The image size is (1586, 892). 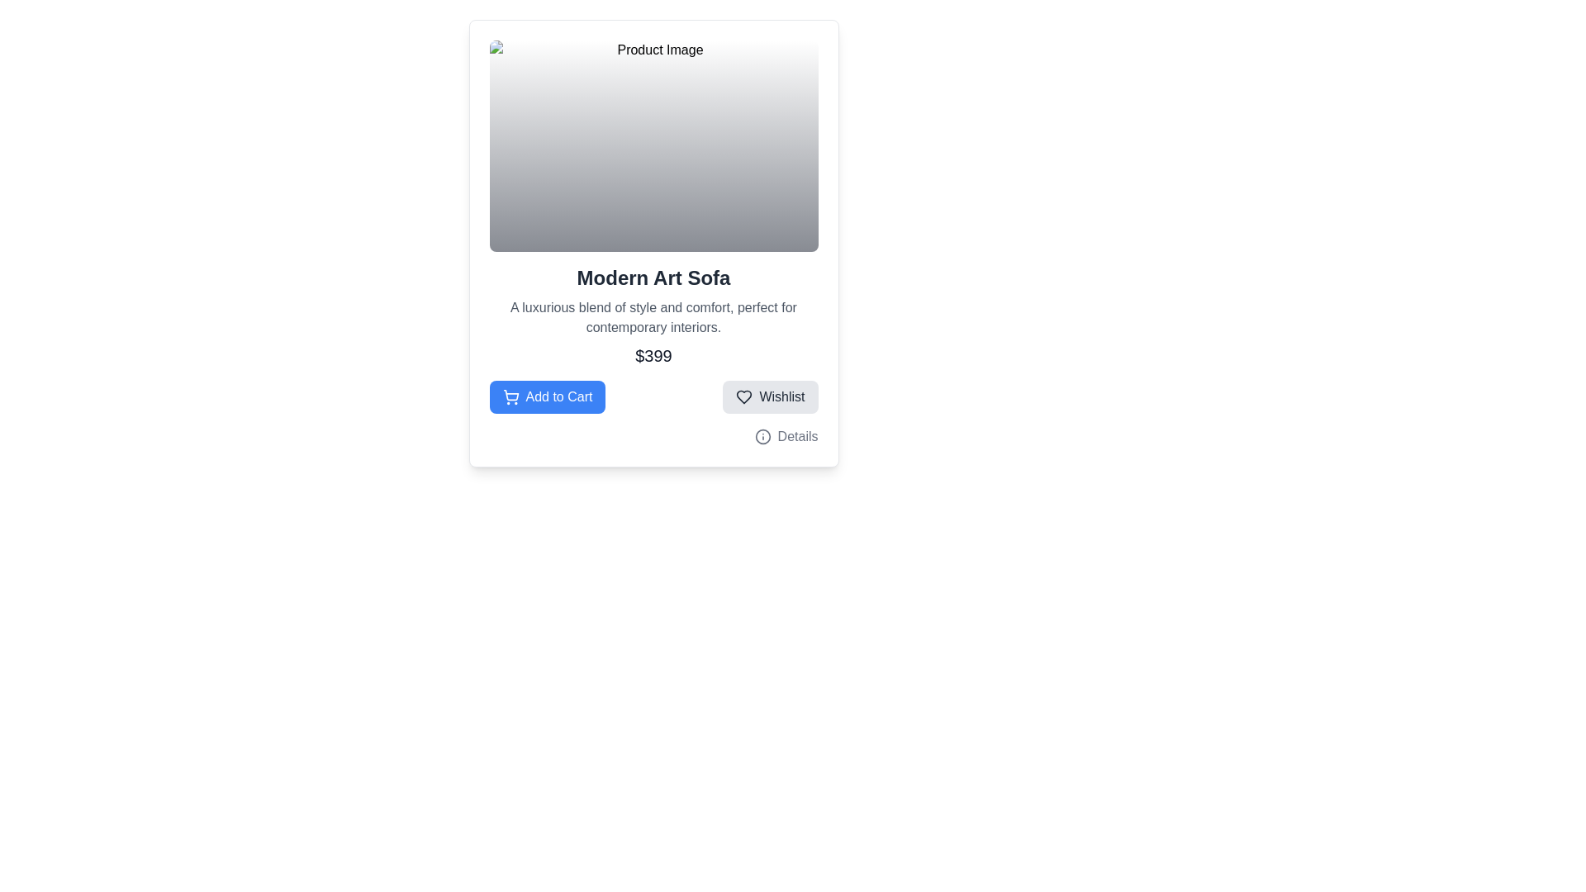 What do you see at coordinates (781, 397) in the screenshot?
I see `the 'Wishlist' text label within the button using keyboard navigation` at bounding box center [781, 397].